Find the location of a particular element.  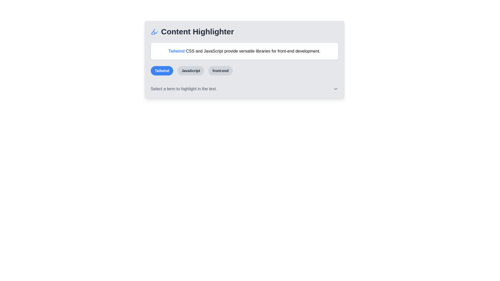

the third button labeled 'Front-end' in the horizontally aligned list of buttons beneath the text box is located at coordinates (221, 71).